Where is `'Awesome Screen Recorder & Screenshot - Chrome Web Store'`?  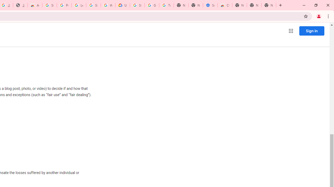 'Awesome Screen Recorder & Screenshot - Chrome Web Store' is located at coordinates (35, 5).